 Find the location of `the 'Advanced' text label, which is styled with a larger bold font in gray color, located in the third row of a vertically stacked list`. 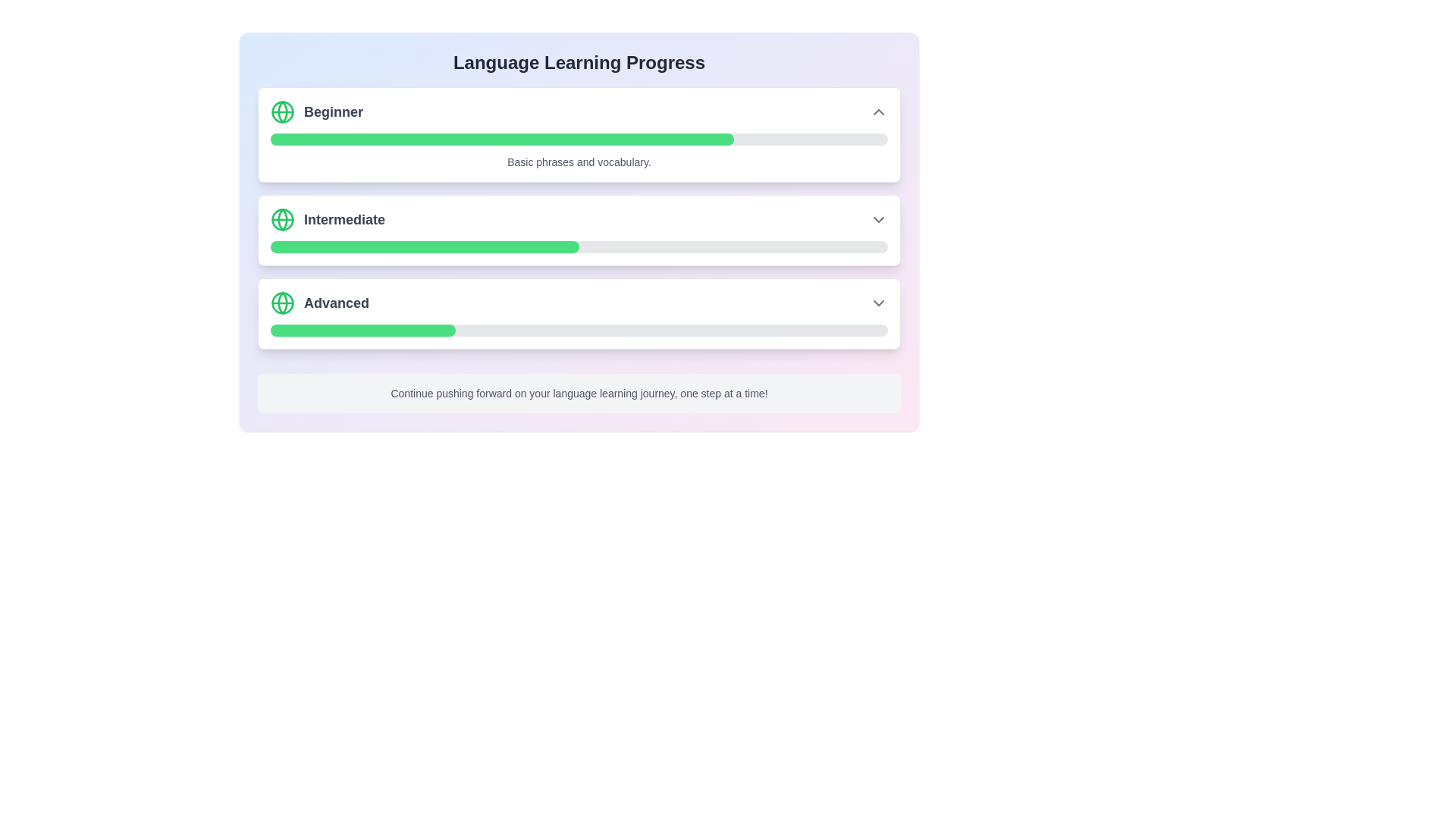

the 'Advanced' text label, which is styled with a larger bold font in gray color, located in the third row of a vertically stacked list is located at coordinates (336, 303).